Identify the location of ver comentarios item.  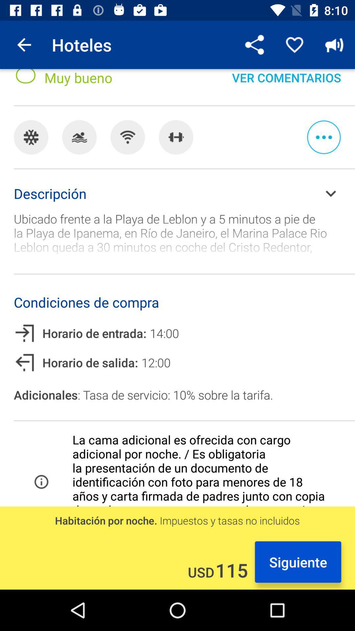
(286, 83).